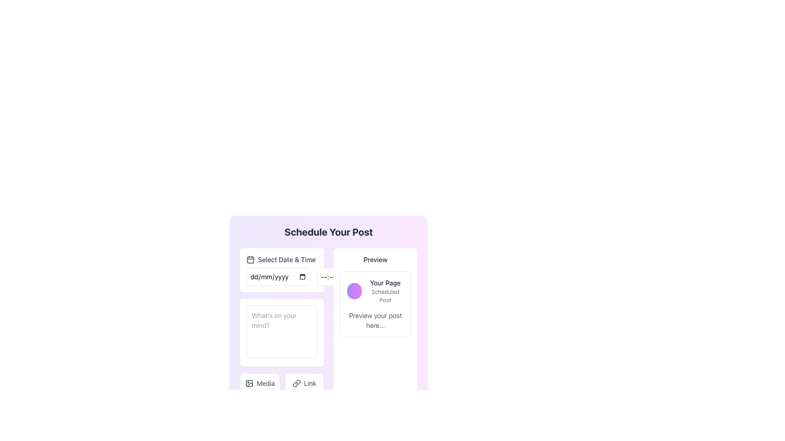  I want to click on the 'Media' text element displayed in bold, sans-serif style within the menu component, so click(266, 383).